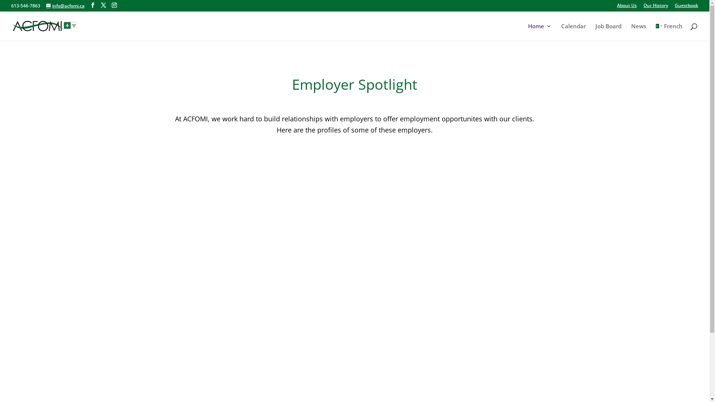 The width and height of the screenshot is (715, 402). Describe the element at coordinates (669, 32) in the screenshot. I see `'French'` at that location.